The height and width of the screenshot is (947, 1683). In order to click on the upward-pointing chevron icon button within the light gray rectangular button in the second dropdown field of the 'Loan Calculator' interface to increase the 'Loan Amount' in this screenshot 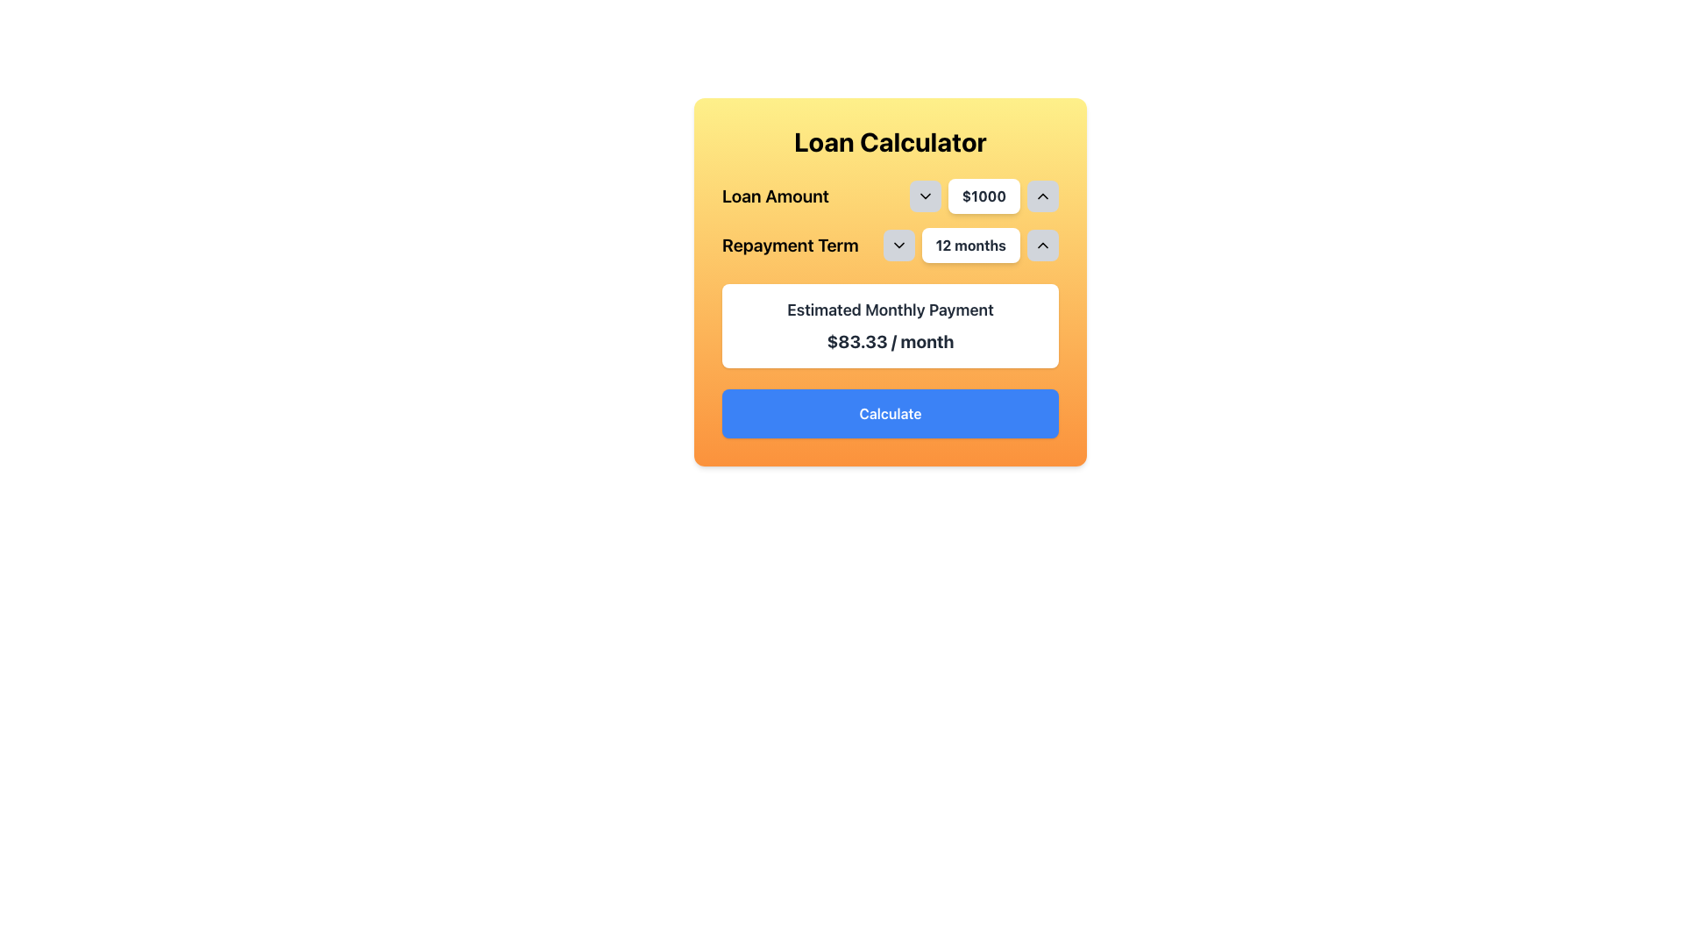, I will do `click(1043, 196)`.